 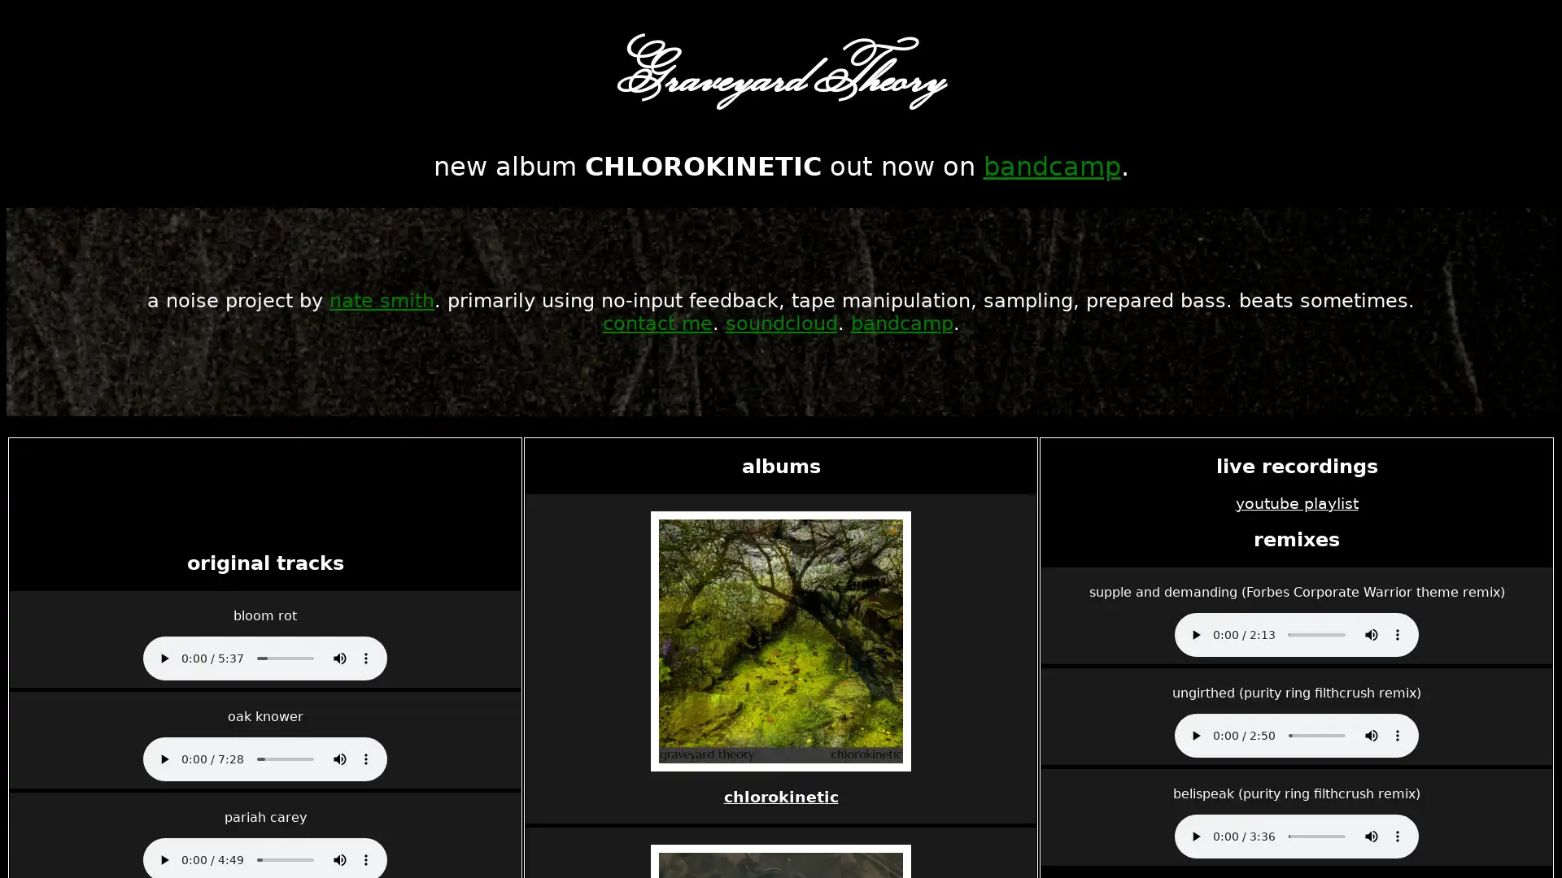 What do you see at coordinates (1370, 736) in the screenshot?
I see `mute` at bounding box center [1370, 736].